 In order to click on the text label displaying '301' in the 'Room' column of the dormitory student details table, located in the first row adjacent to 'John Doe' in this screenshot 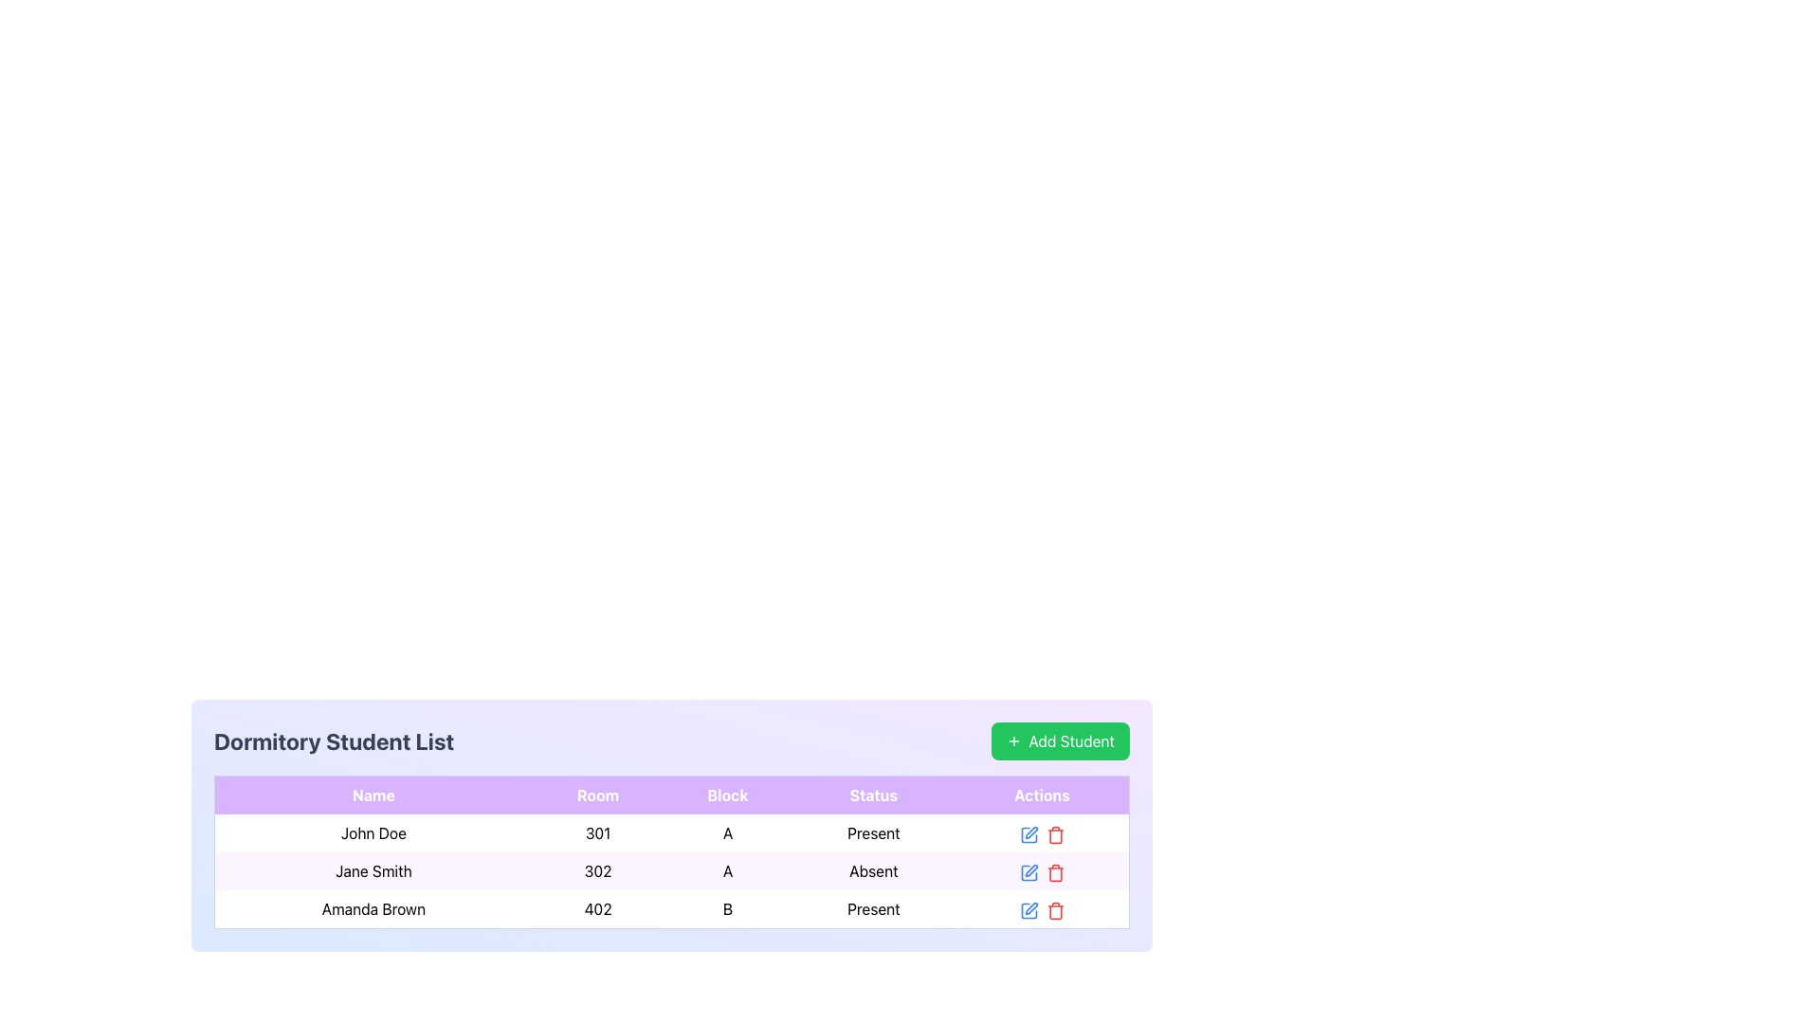, I will do `click(597, 832)`.